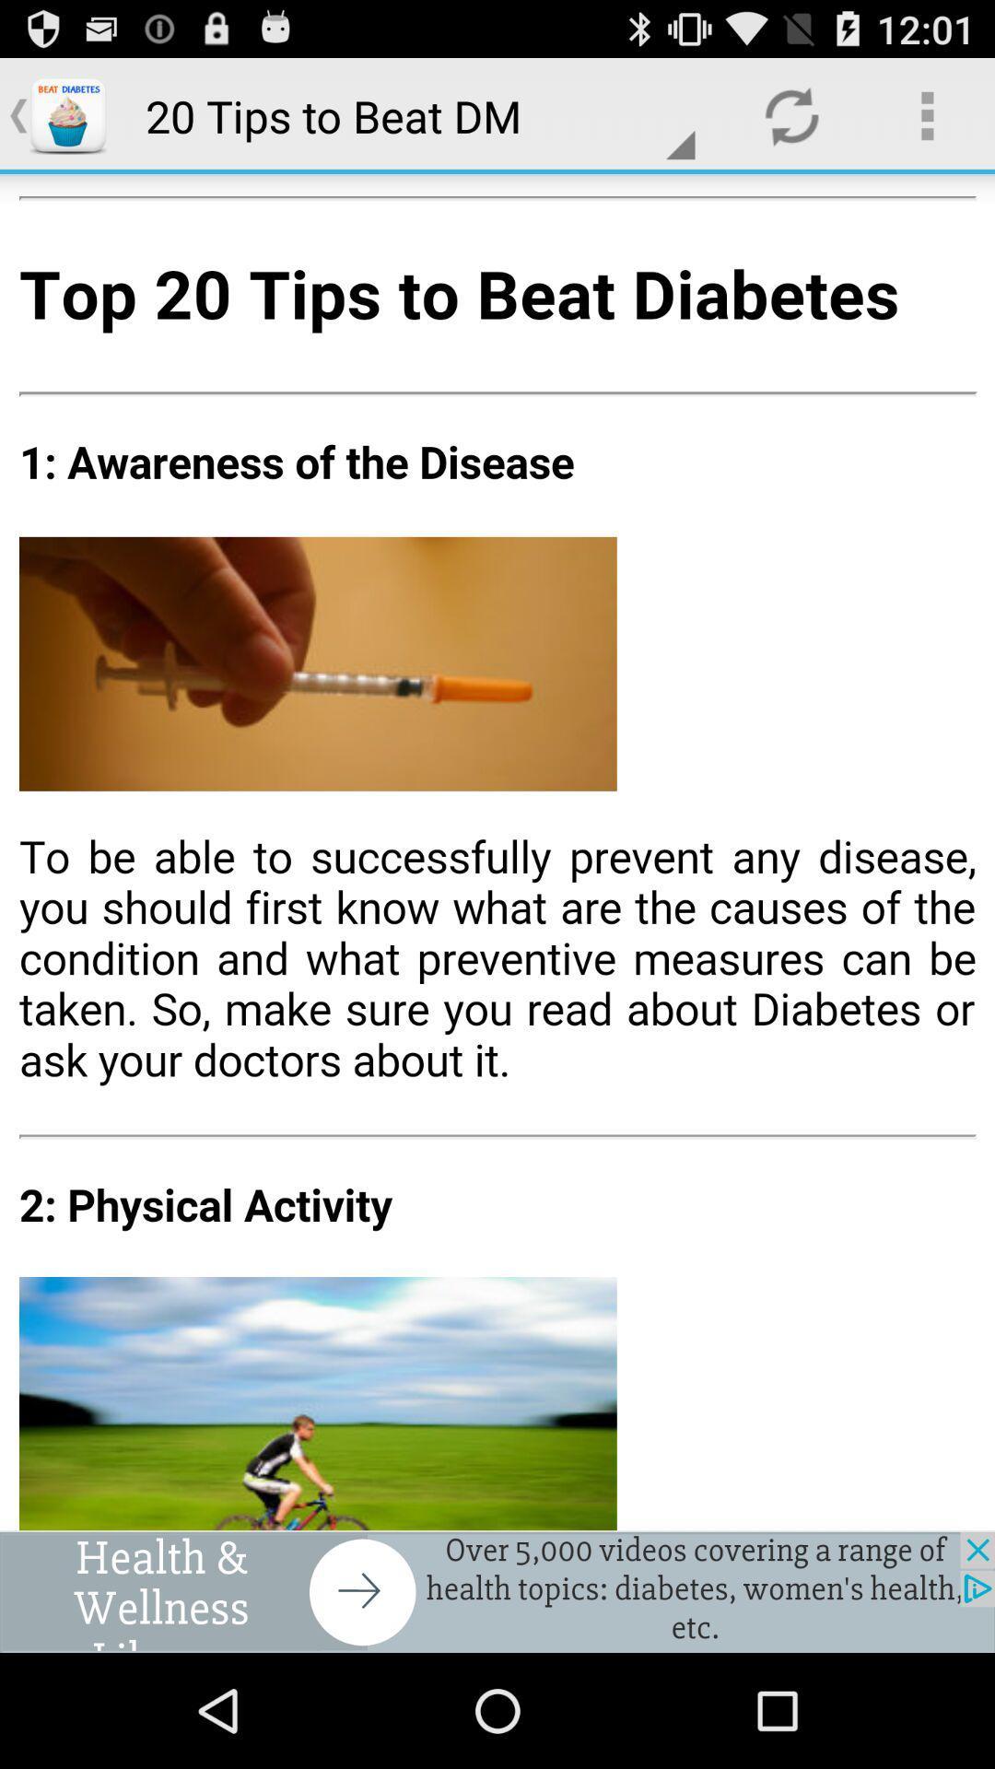 This screenshot has height=1769, width=995. Describe the element at coordinates (497, 1591) in the screenshot. I see `the add` at that location.